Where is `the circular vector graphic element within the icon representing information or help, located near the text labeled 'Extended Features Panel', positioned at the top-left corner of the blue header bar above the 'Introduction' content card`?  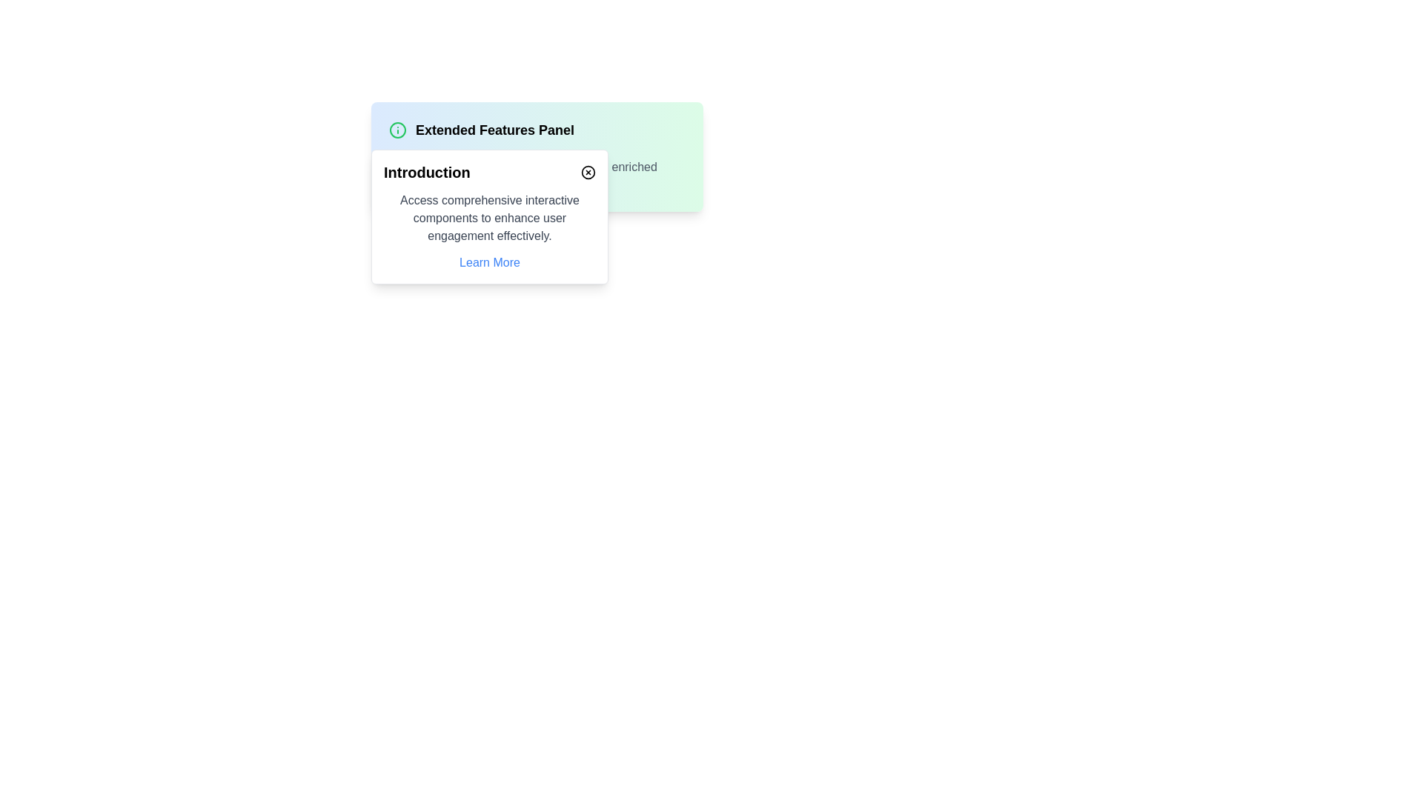 the circular vector graphic element within the icon representing information or help, located near the text labeled 'Extended Features Panel', positioned at the top-left corner of the blue header bar above the 'Introduction' content card is located at coordinates (398, 130).